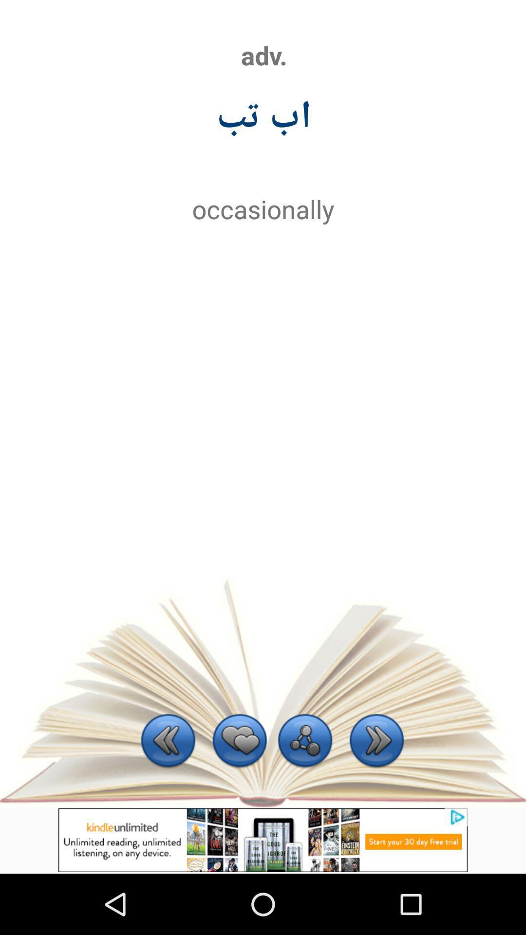  Describe the element at coordinates (240, 741) in the screenshot. I see `preferred` at that location.